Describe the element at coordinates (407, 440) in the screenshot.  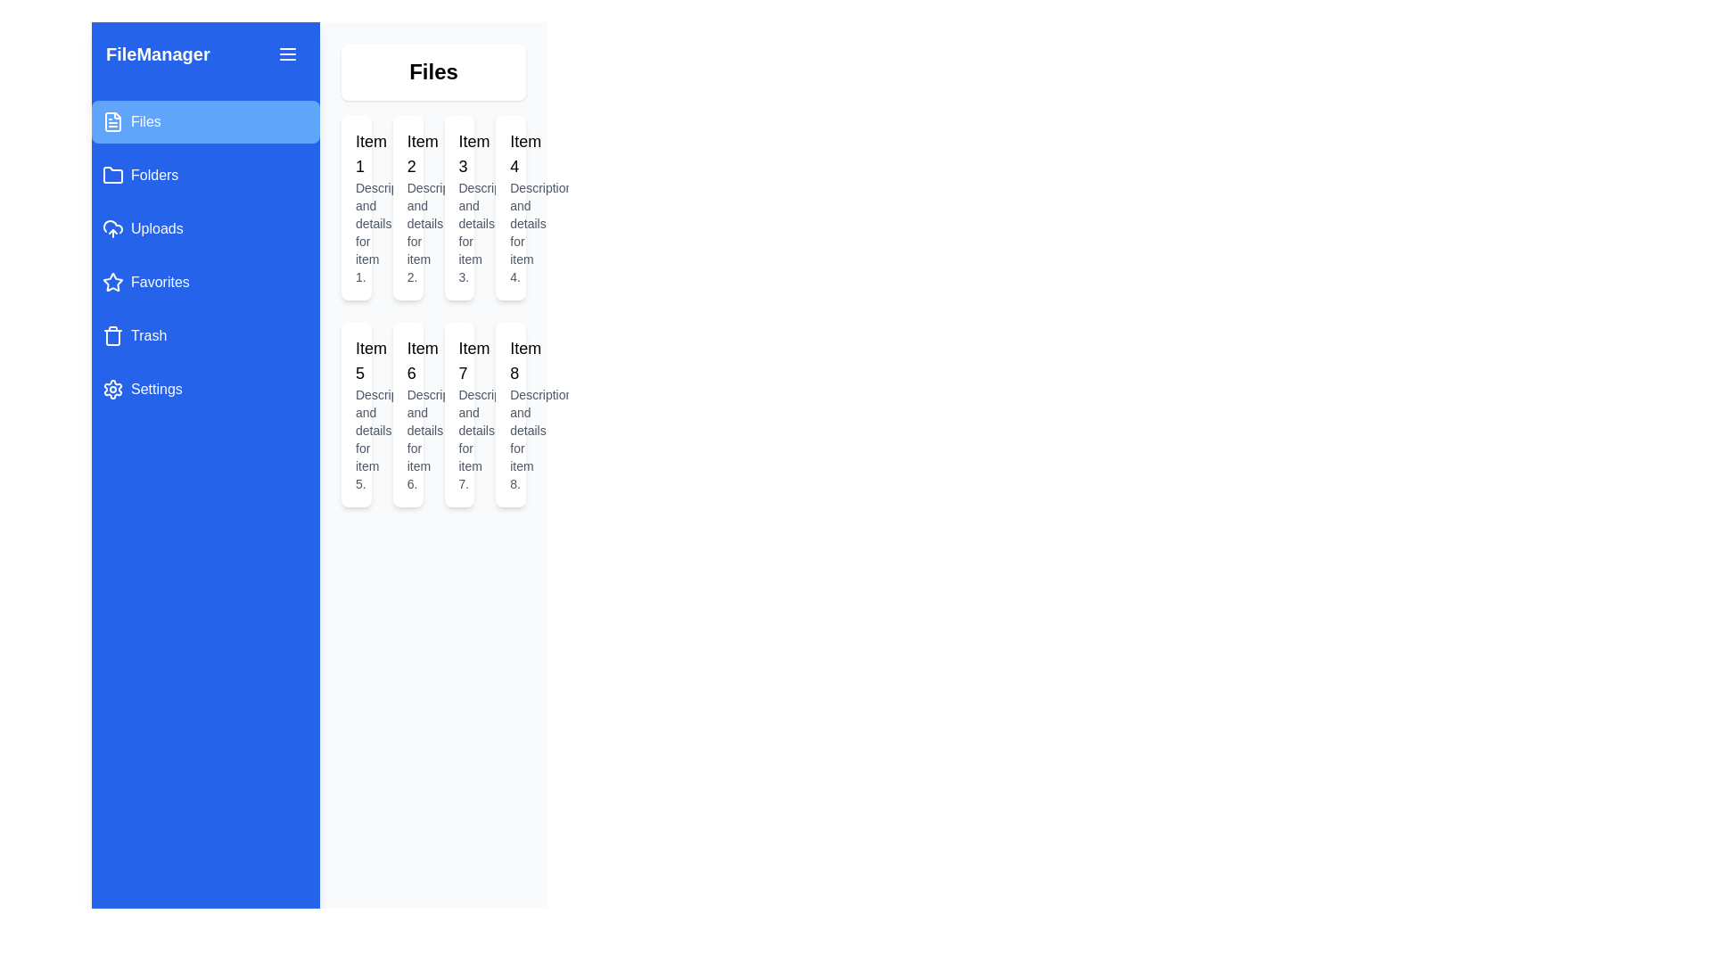
I see `descriptive text label below the heading 'Item 6' in the second card of the grid layout` at that location.